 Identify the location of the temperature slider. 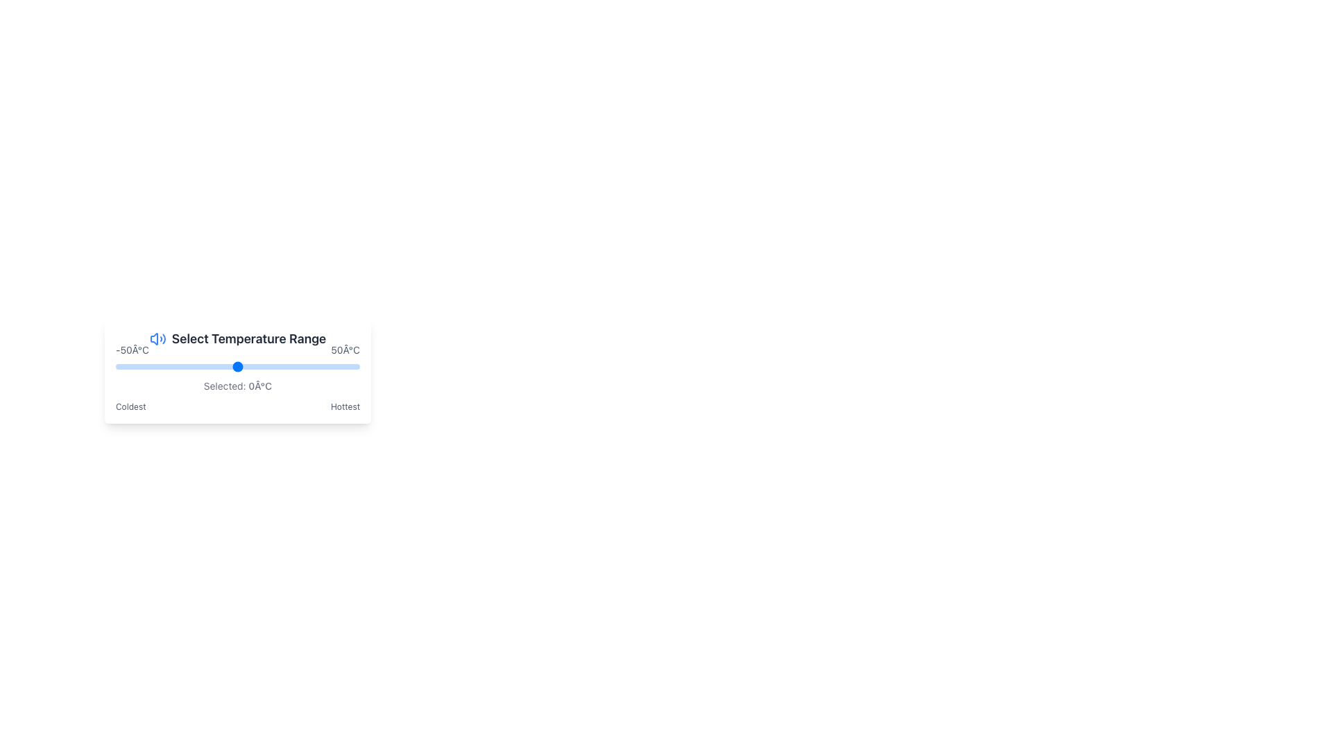
(198, 365).